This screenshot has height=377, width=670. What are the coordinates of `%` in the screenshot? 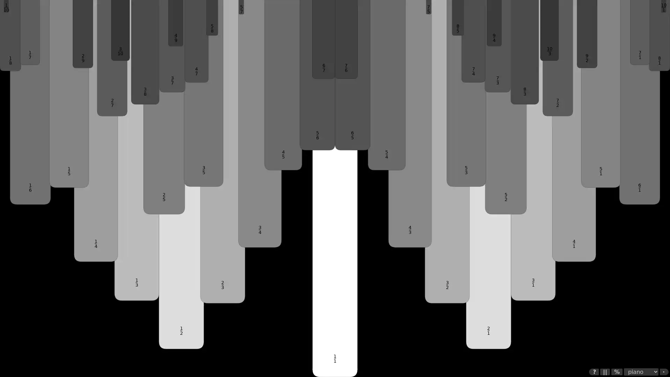 It's located at (616, 371).